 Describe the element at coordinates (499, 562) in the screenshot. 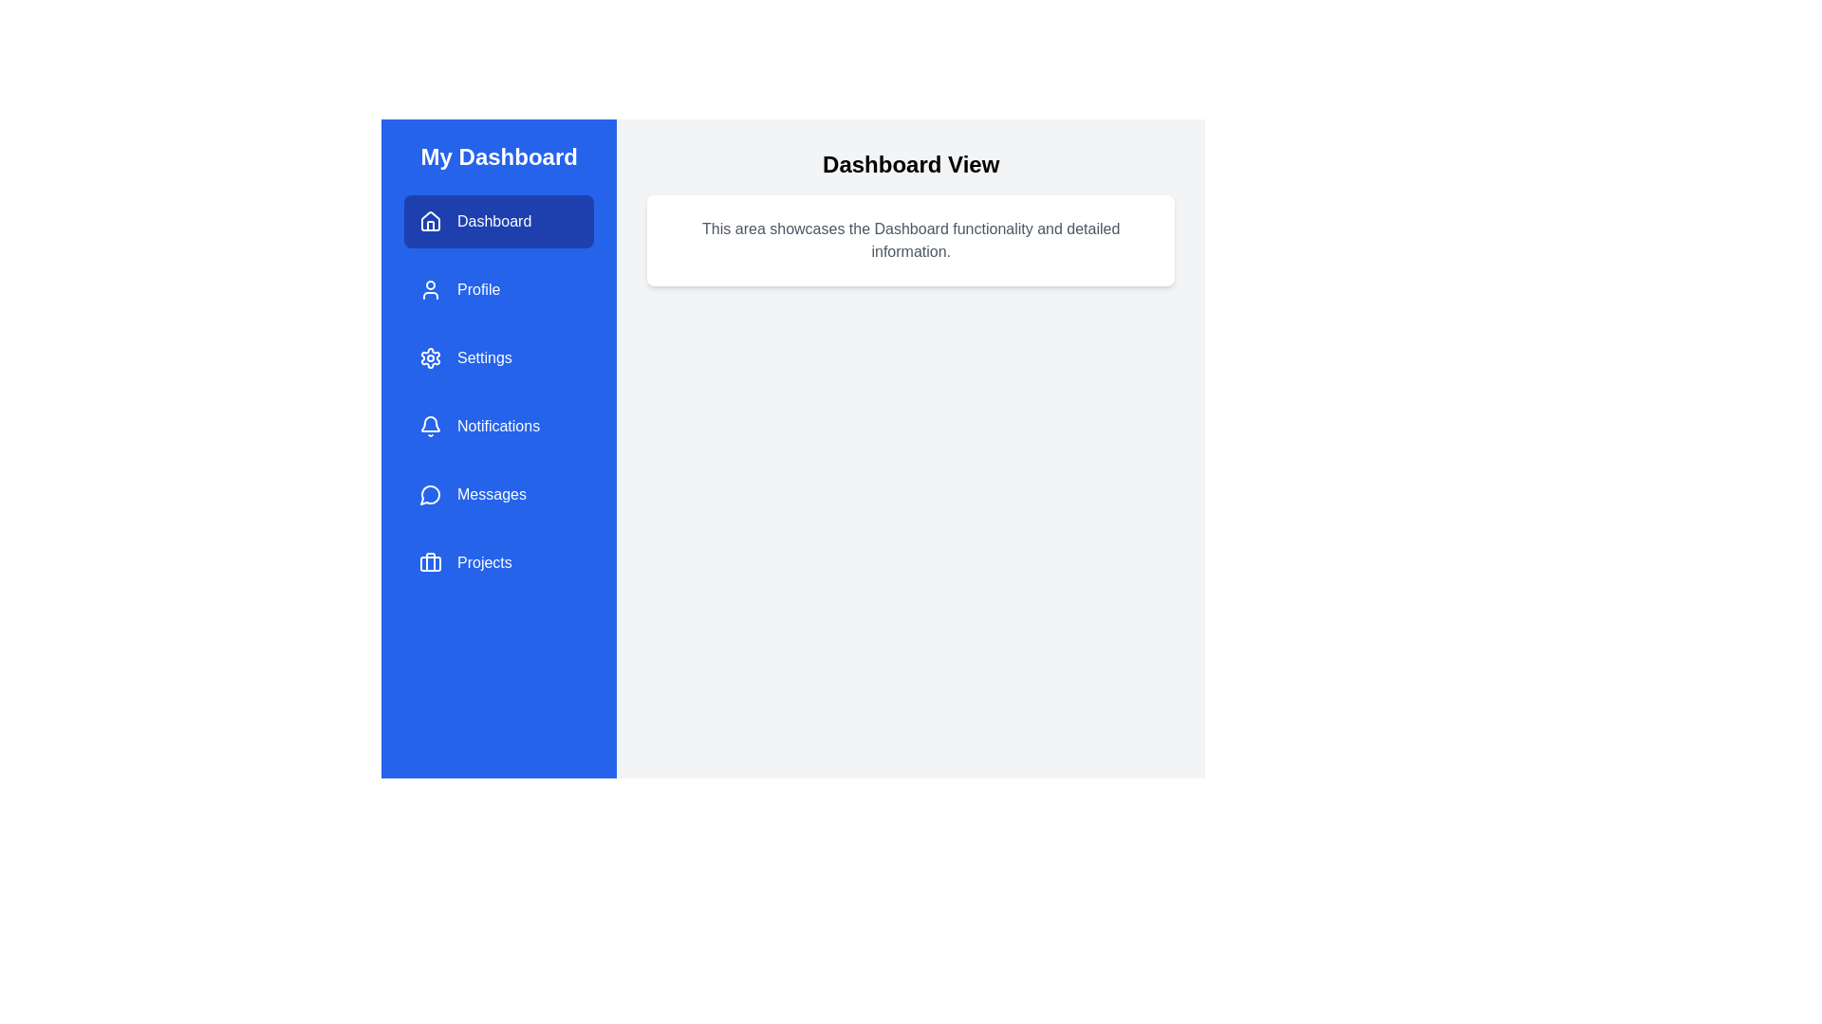

I see `the menu item Projects` at that location.